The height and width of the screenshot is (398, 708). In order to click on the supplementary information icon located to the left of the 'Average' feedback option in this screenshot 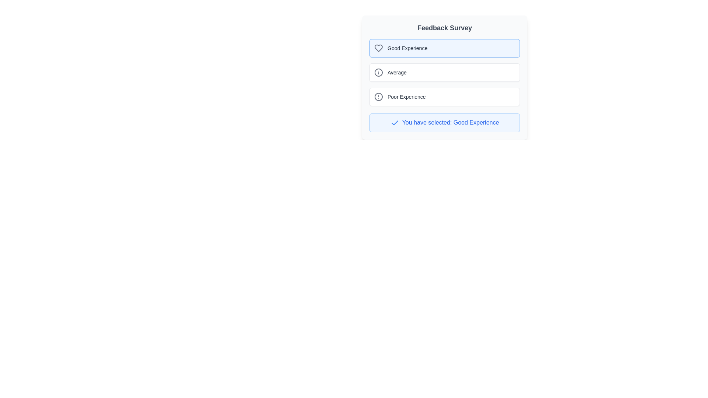, I will do `click(379, 72)`.